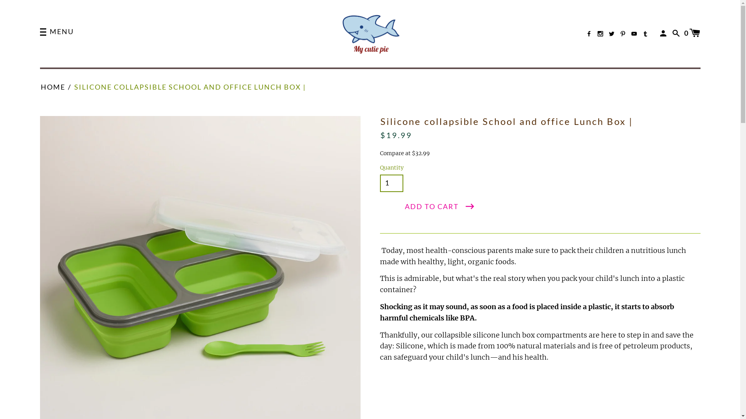 The image size is (746, 419). Describe the element at coordinates (608, 33) in the screenshot. I see `'My Cutie Pie on Twitter'` at that location.